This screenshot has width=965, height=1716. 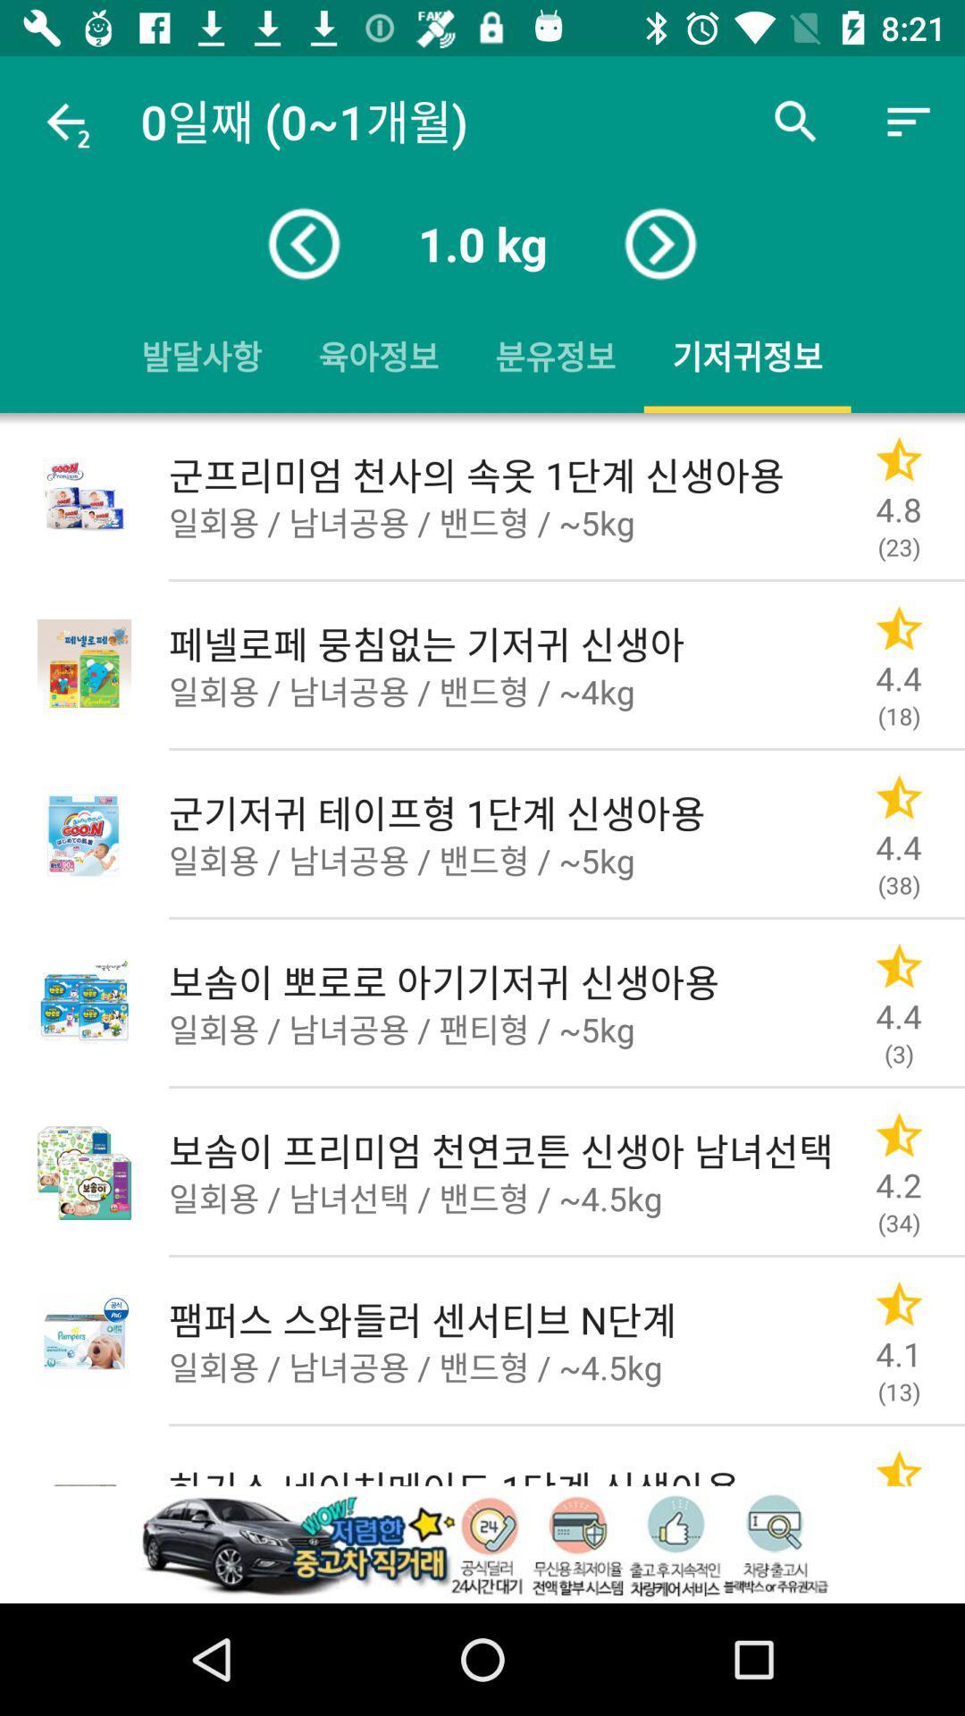 What do you see at coordinates (660, 243) in the screenshot?
I see `the arrow_forward icon` at bounding box center [660, 243].